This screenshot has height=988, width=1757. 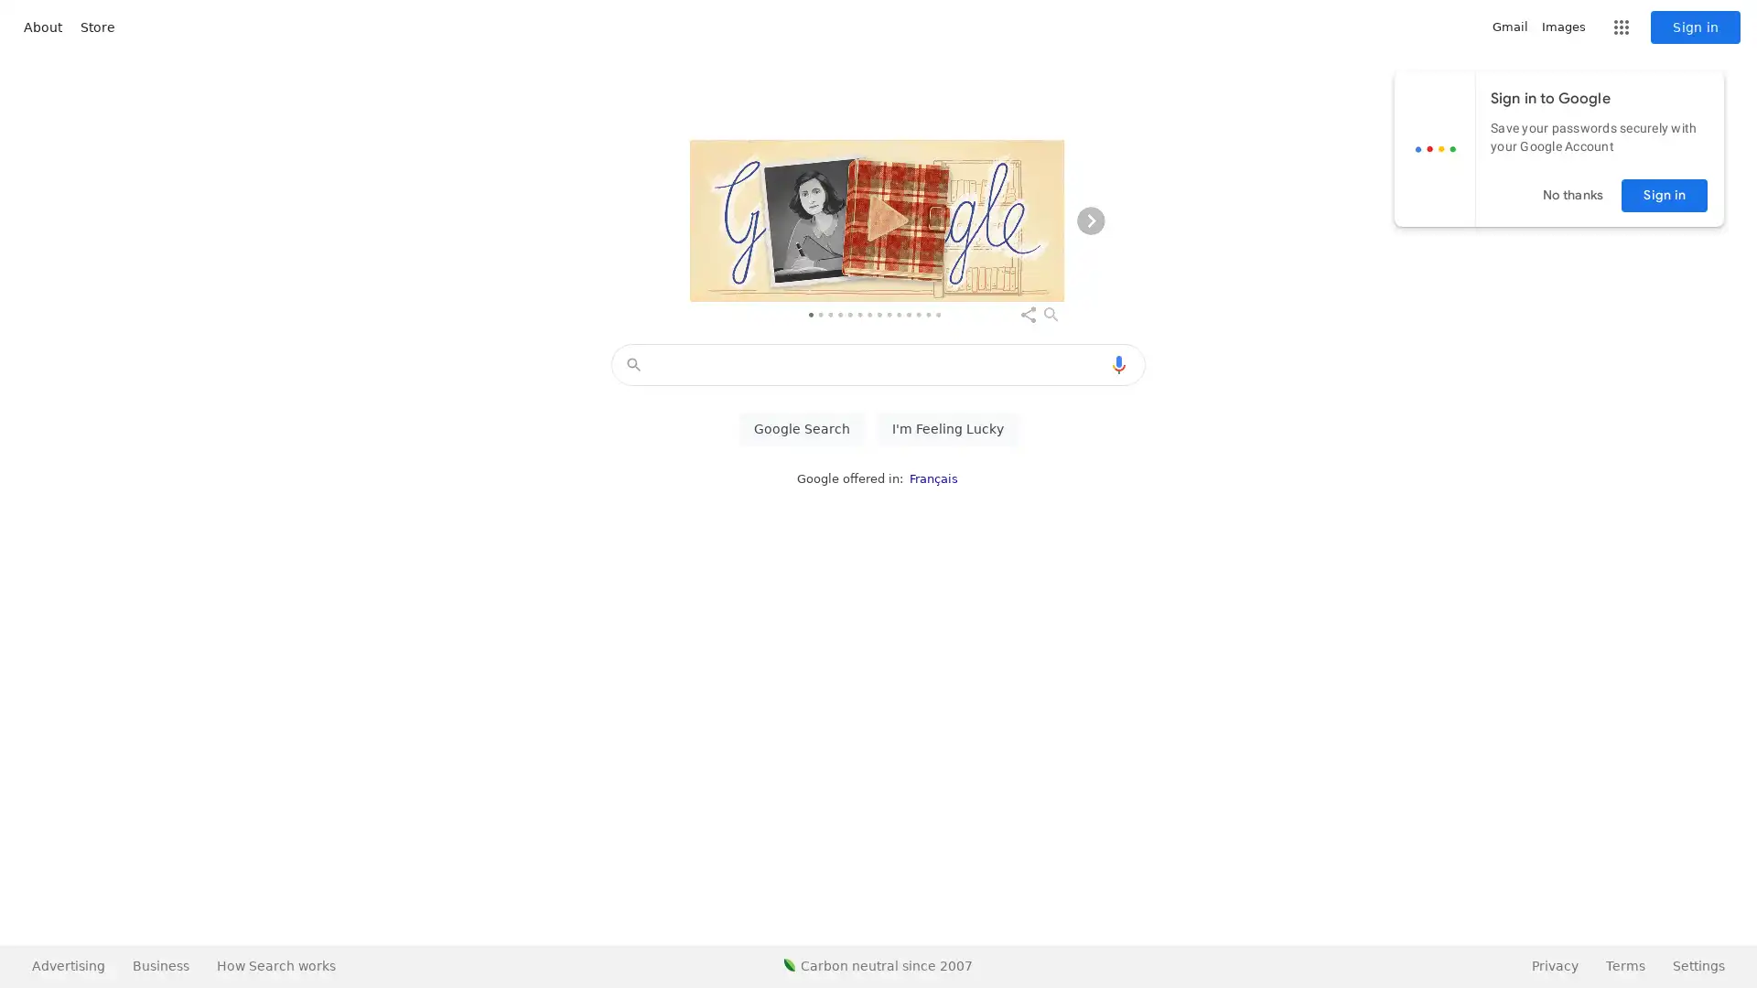 What do you see at coordinates (947, 429) in the screenshot?
I see `I'm Feeling Lucky` at bounding box center [947, 429].